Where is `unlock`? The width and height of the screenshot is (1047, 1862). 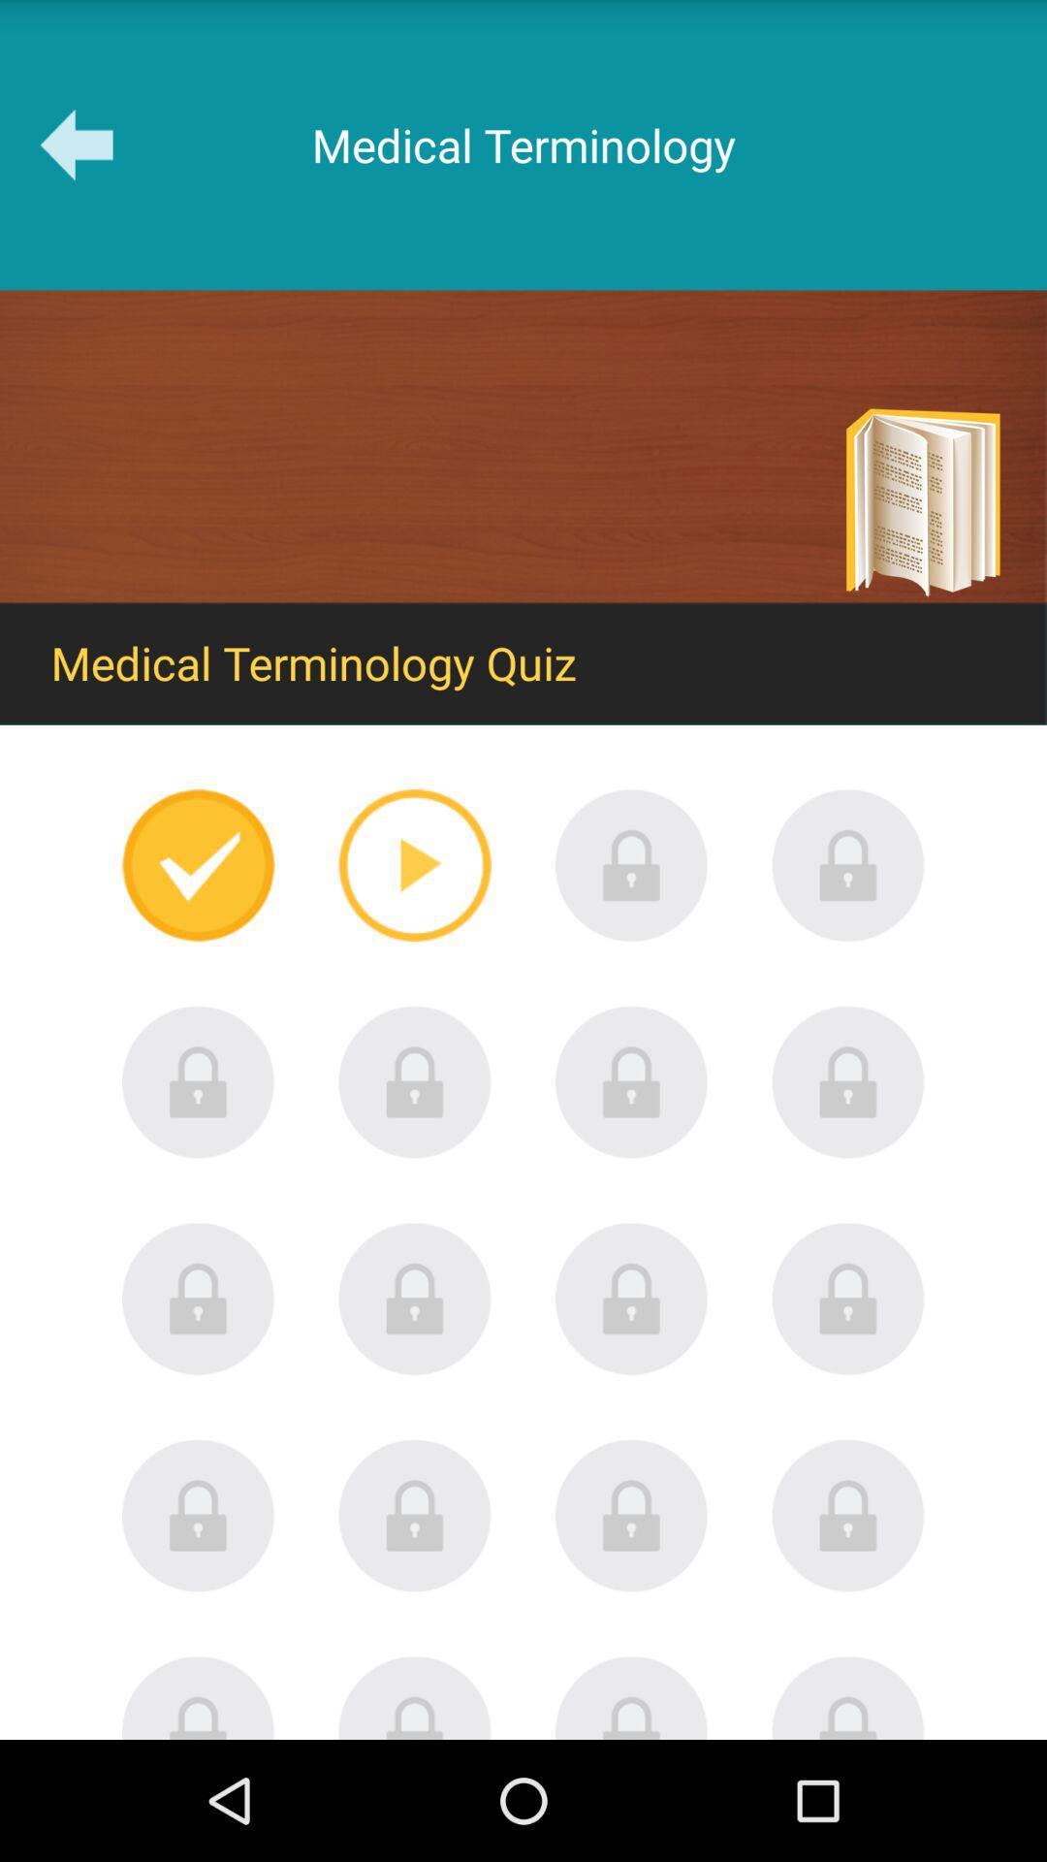
unlock is located at coordinates (631, 1299).